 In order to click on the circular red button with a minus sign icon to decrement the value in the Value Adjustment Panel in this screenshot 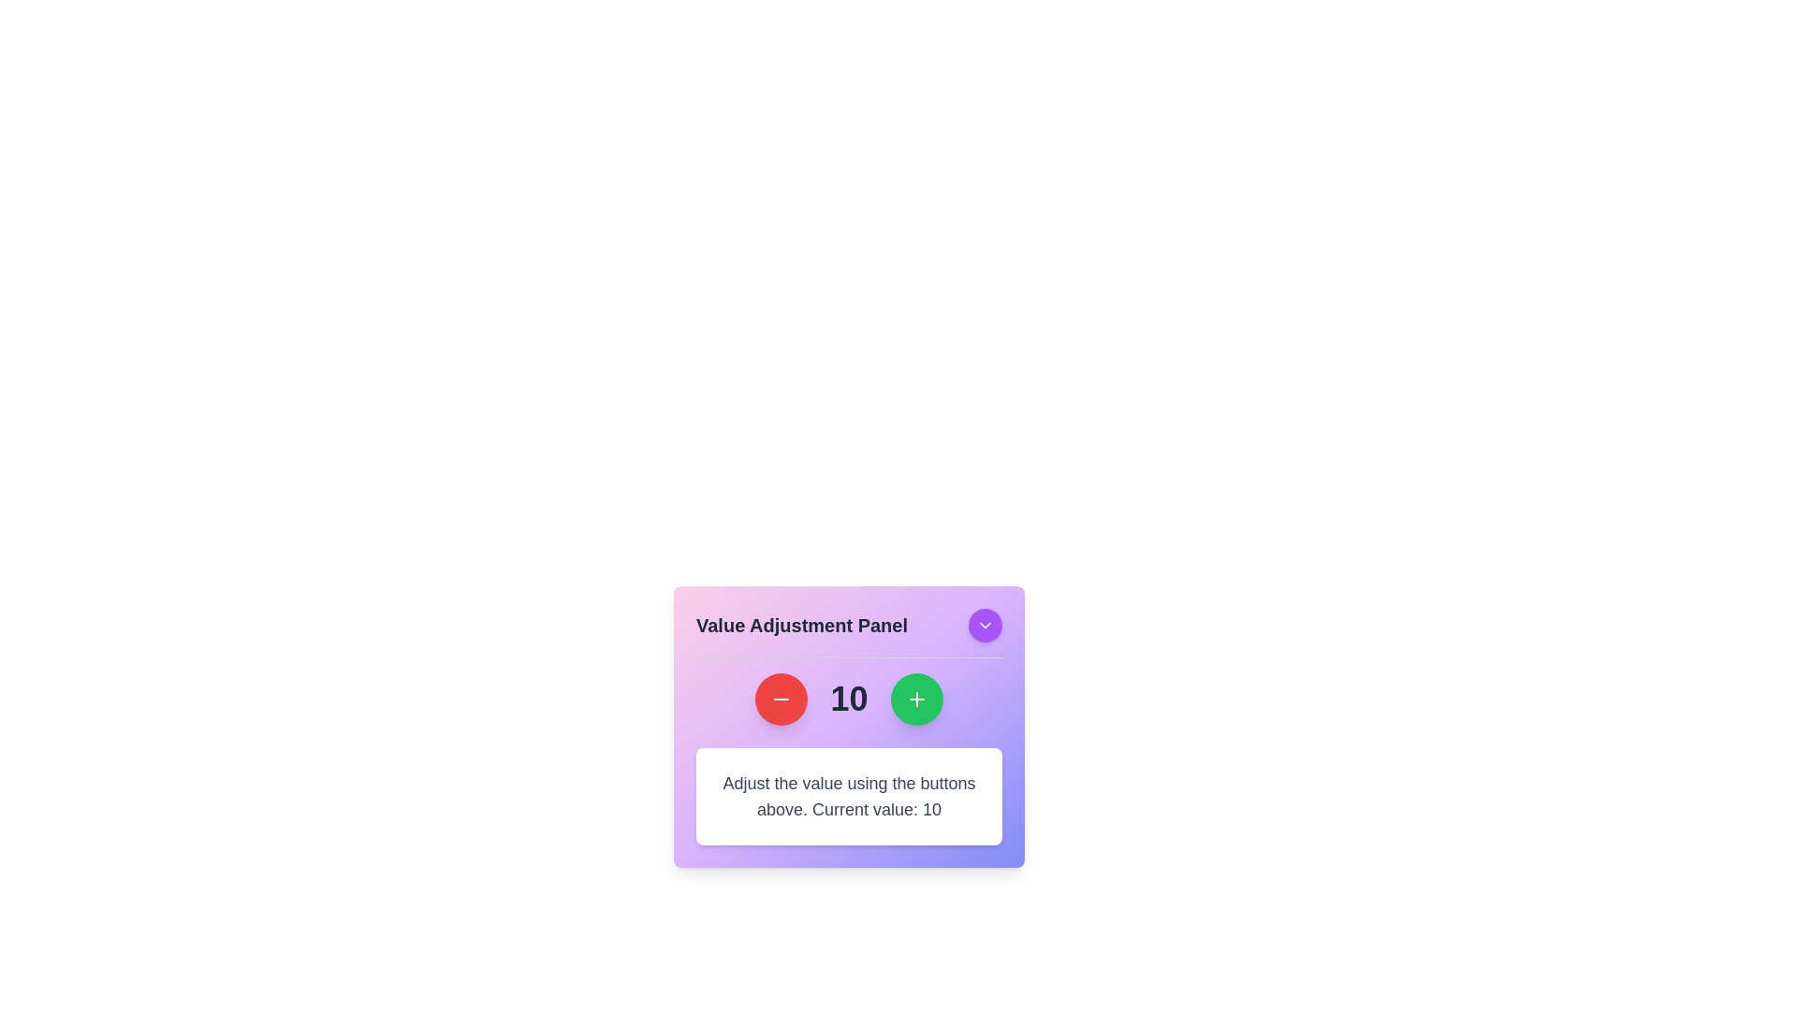, I will do `click(782, 700)`.